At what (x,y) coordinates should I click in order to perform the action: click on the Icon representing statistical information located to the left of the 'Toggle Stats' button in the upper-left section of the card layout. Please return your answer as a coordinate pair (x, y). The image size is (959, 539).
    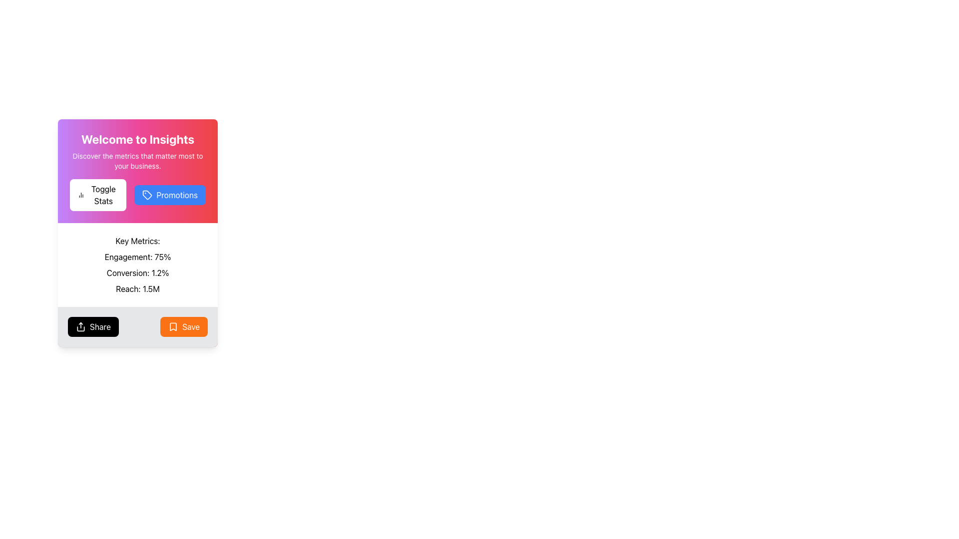
    Looking at the image, I should click on (81, 195).